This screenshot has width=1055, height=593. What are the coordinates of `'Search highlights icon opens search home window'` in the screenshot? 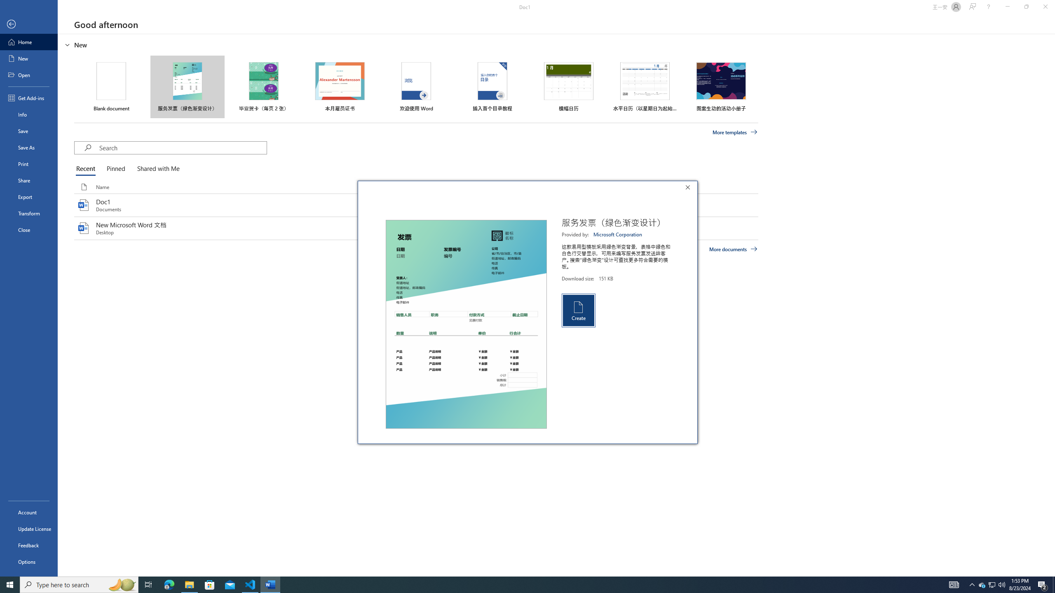 It's located at (121, 584).